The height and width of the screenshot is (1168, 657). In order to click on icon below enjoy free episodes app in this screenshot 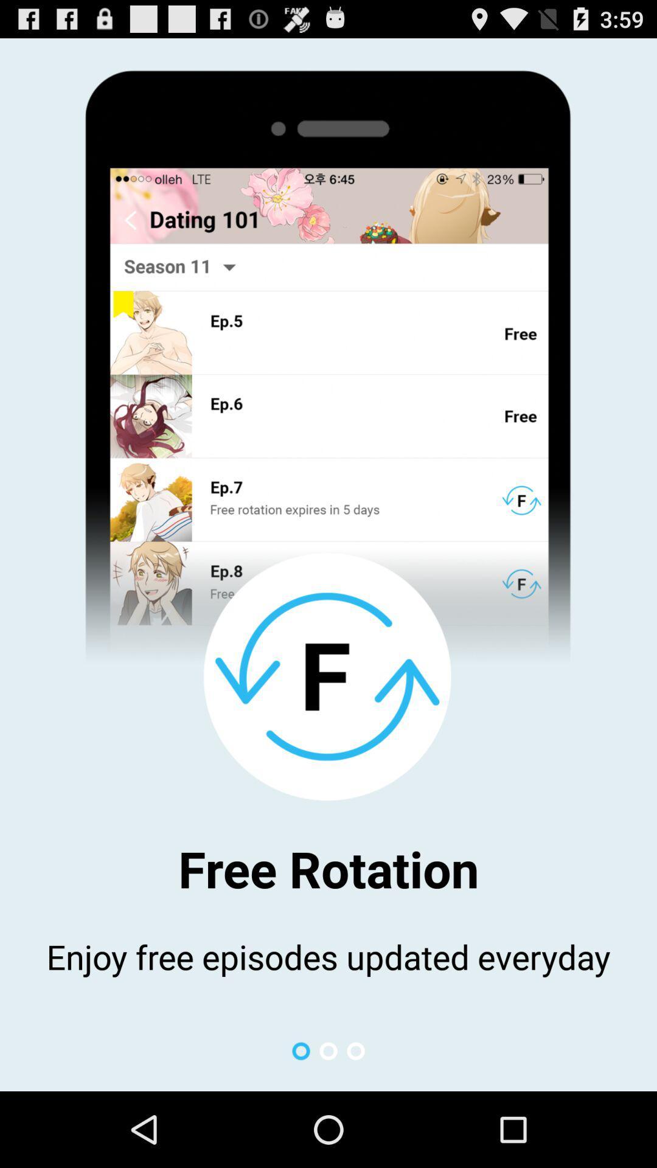, I will do `click(356, 1051)`.